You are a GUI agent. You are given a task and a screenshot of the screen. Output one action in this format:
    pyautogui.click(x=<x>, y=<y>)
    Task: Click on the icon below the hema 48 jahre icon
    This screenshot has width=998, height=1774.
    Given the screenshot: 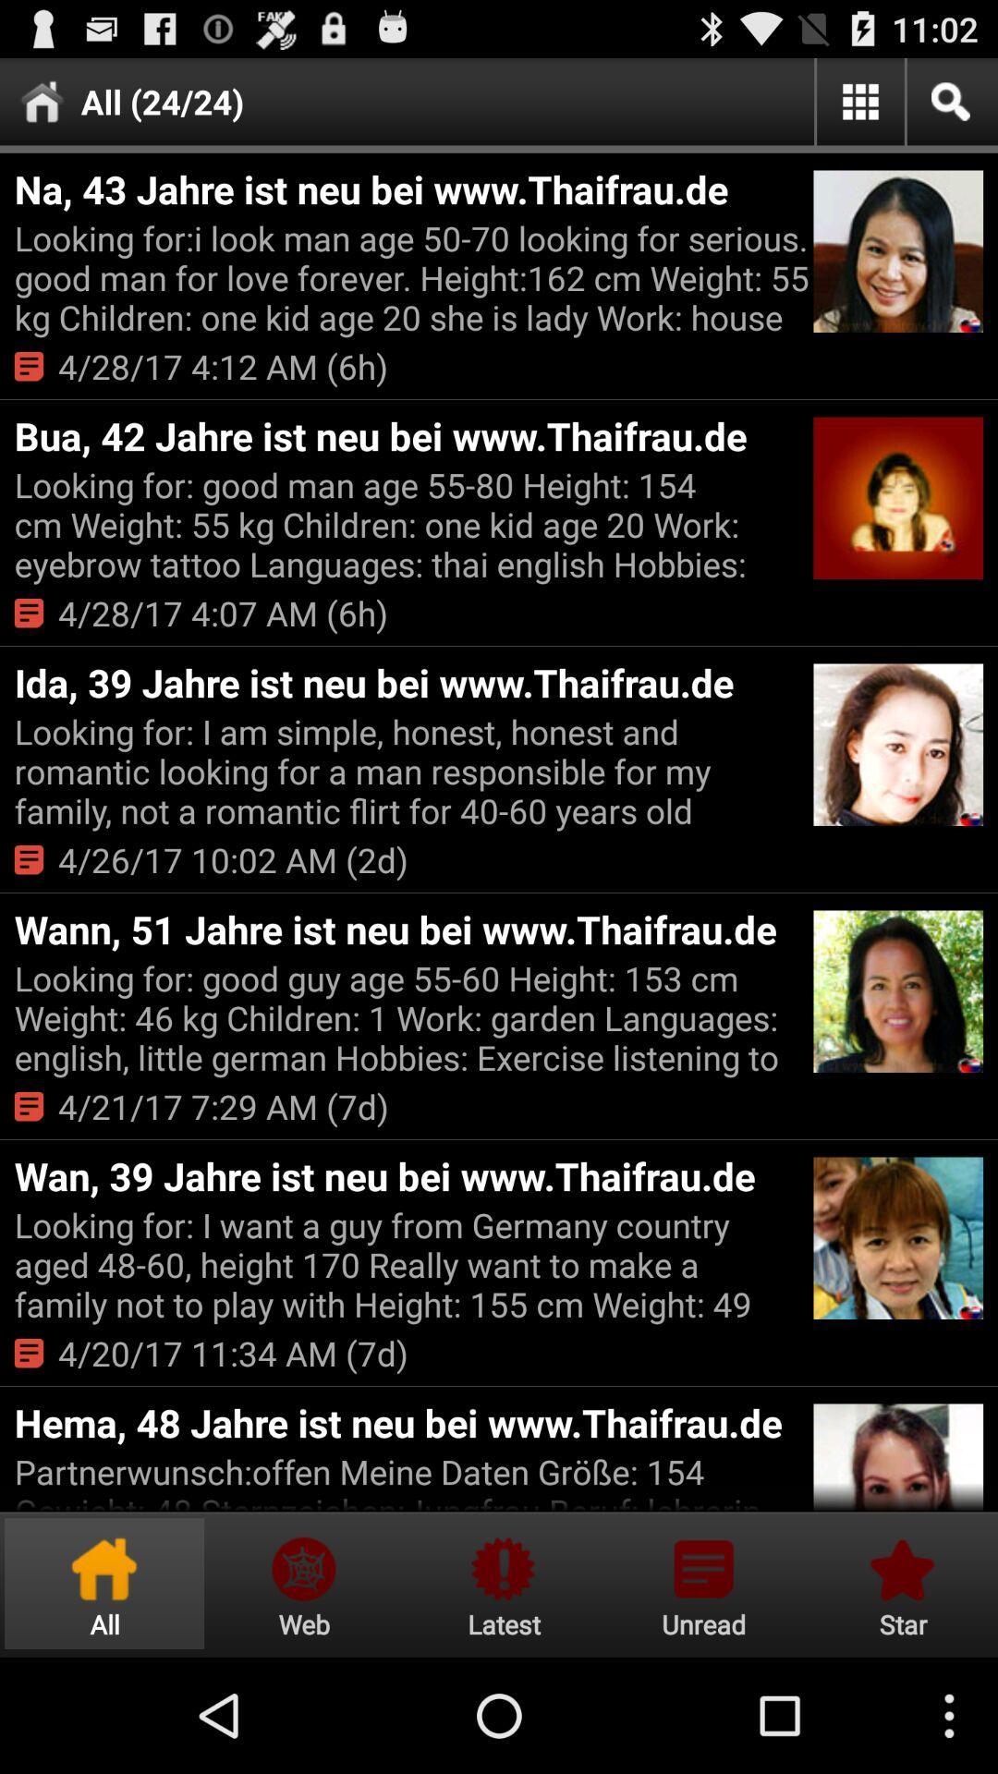 What is the action you would take?
    pyautogui.click(x=410, y=1480)
    